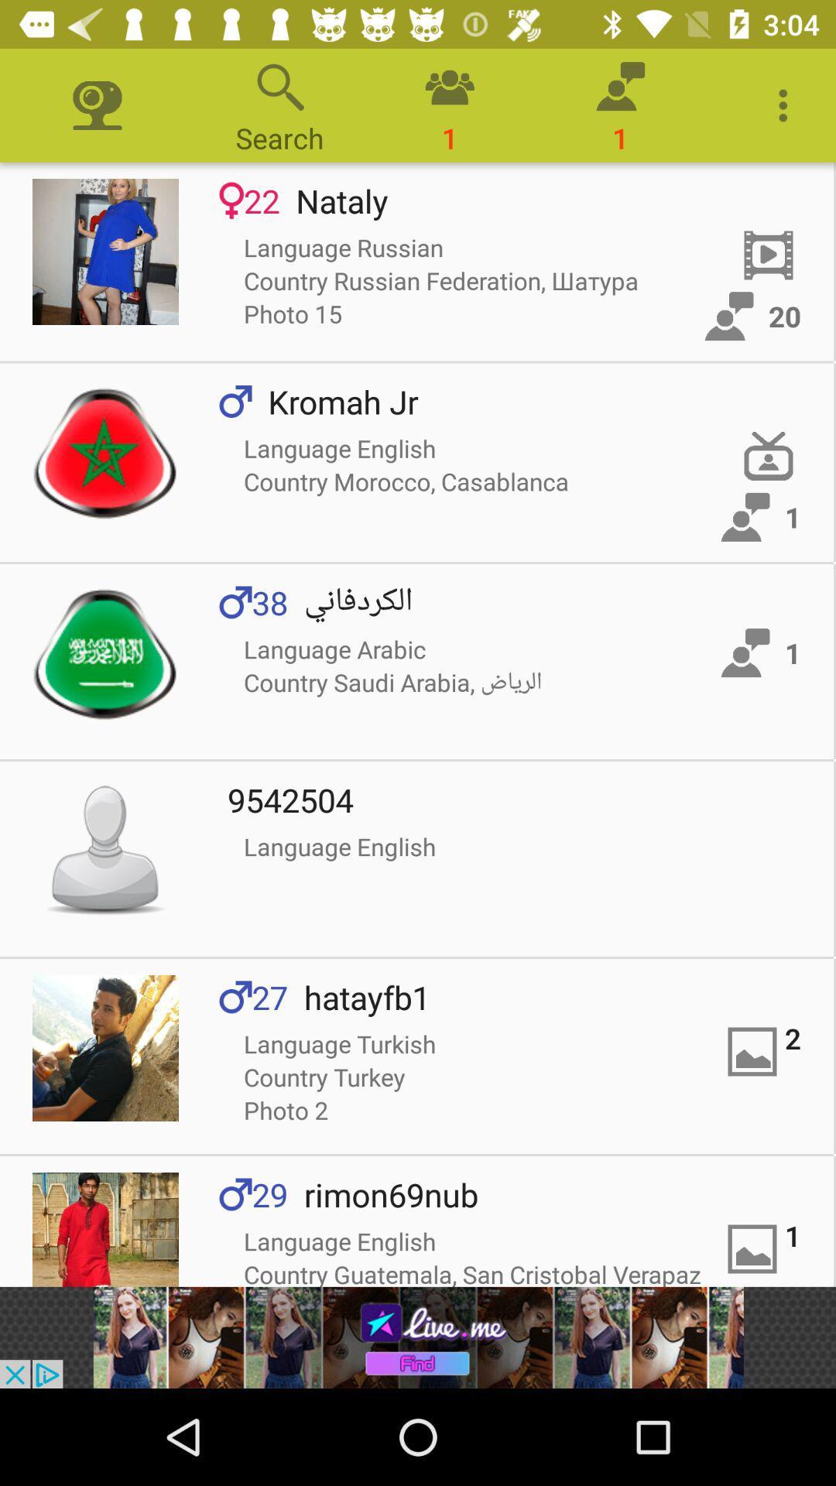 The width and height of the screenshot is (836, 1486). I want to click on redirect to advertisement, so click(418, 1337).